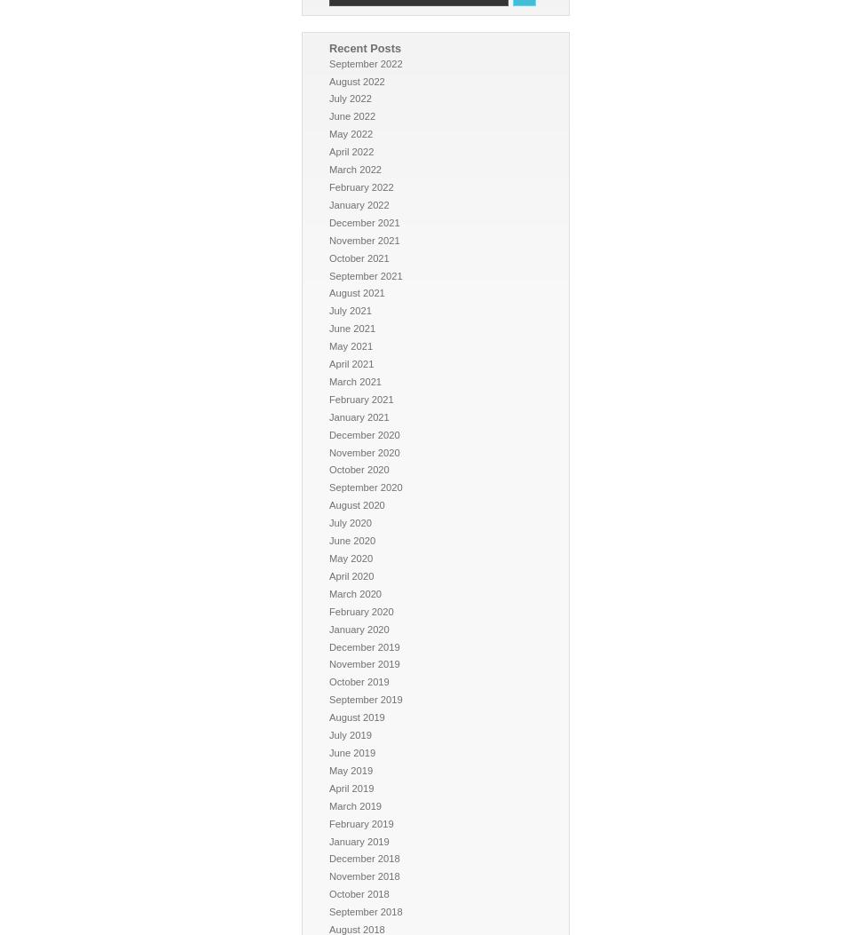 This screenshot has height=935, width=852. What do you see at coordinates (360, 186) in the screenshot?
I see `'February 2022'` at bounding box center [360, 186].